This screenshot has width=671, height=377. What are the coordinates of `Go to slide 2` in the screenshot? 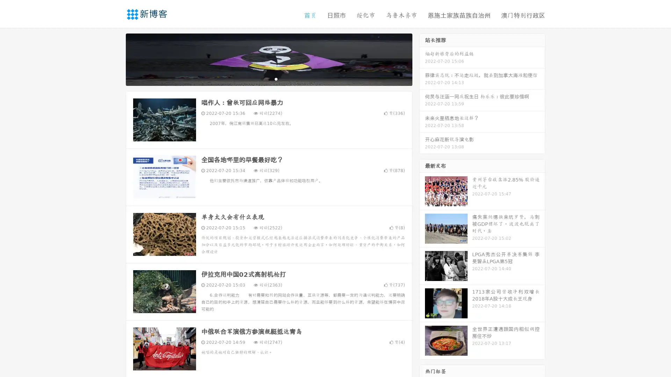 It's located at (268, 79).